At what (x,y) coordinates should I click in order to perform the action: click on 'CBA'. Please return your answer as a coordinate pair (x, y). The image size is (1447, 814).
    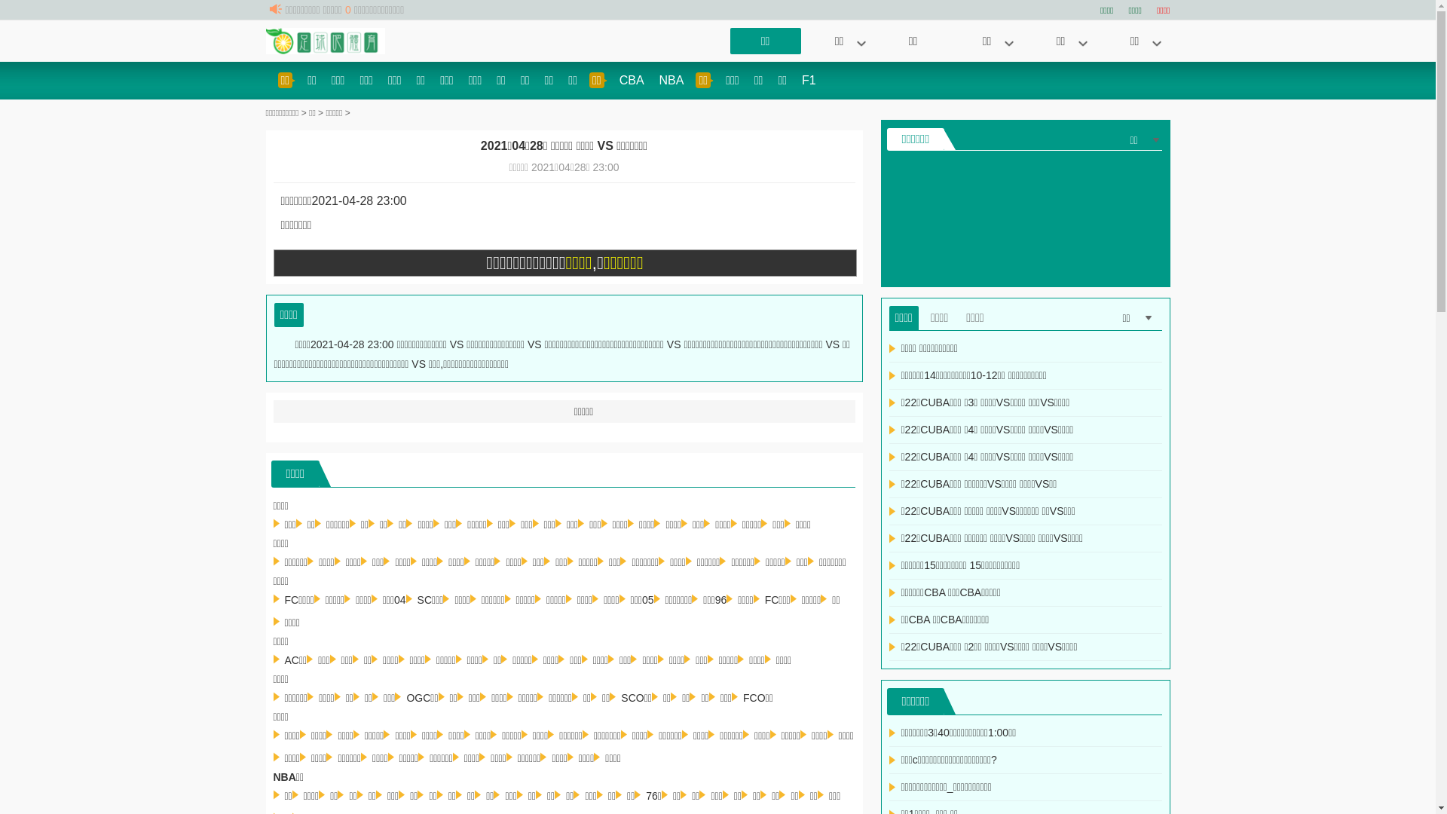
    Looking at the image, I should click on (632, 80).